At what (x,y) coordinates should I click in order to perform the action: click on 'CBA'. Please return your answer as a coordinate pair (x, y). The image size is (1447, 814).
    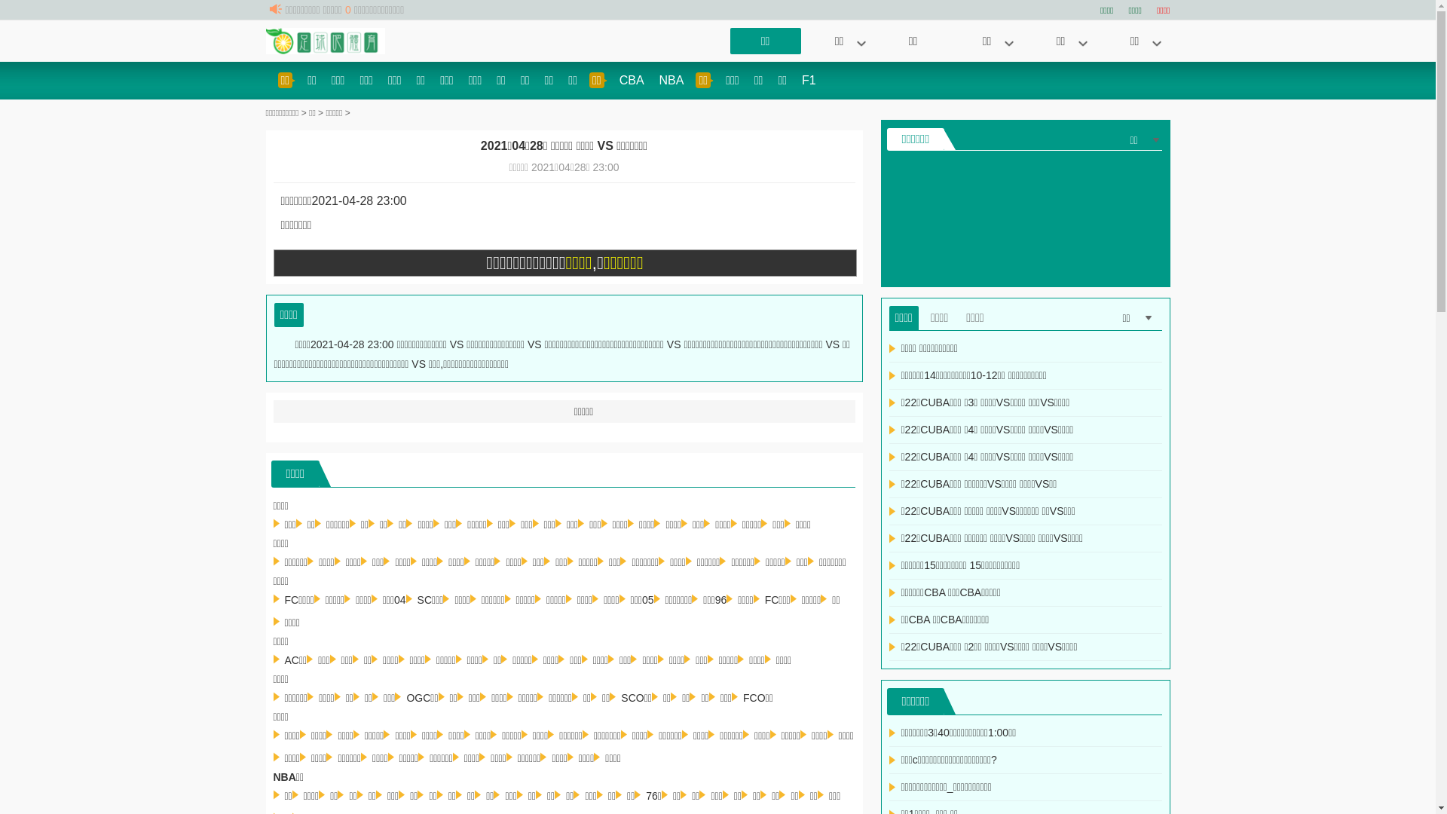
    Looking at the image, I should click on (632, 80).